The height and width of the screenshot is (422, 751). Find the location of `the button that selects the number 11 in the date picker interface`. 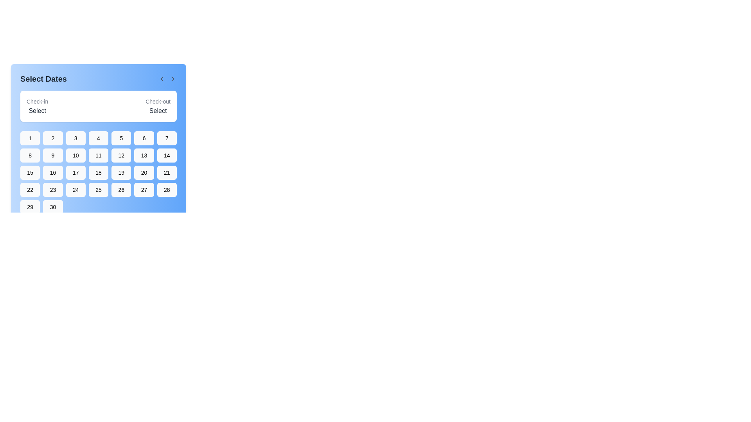

the button that selects the number 11 in the date picker interface is located at coordinates (98, 155).